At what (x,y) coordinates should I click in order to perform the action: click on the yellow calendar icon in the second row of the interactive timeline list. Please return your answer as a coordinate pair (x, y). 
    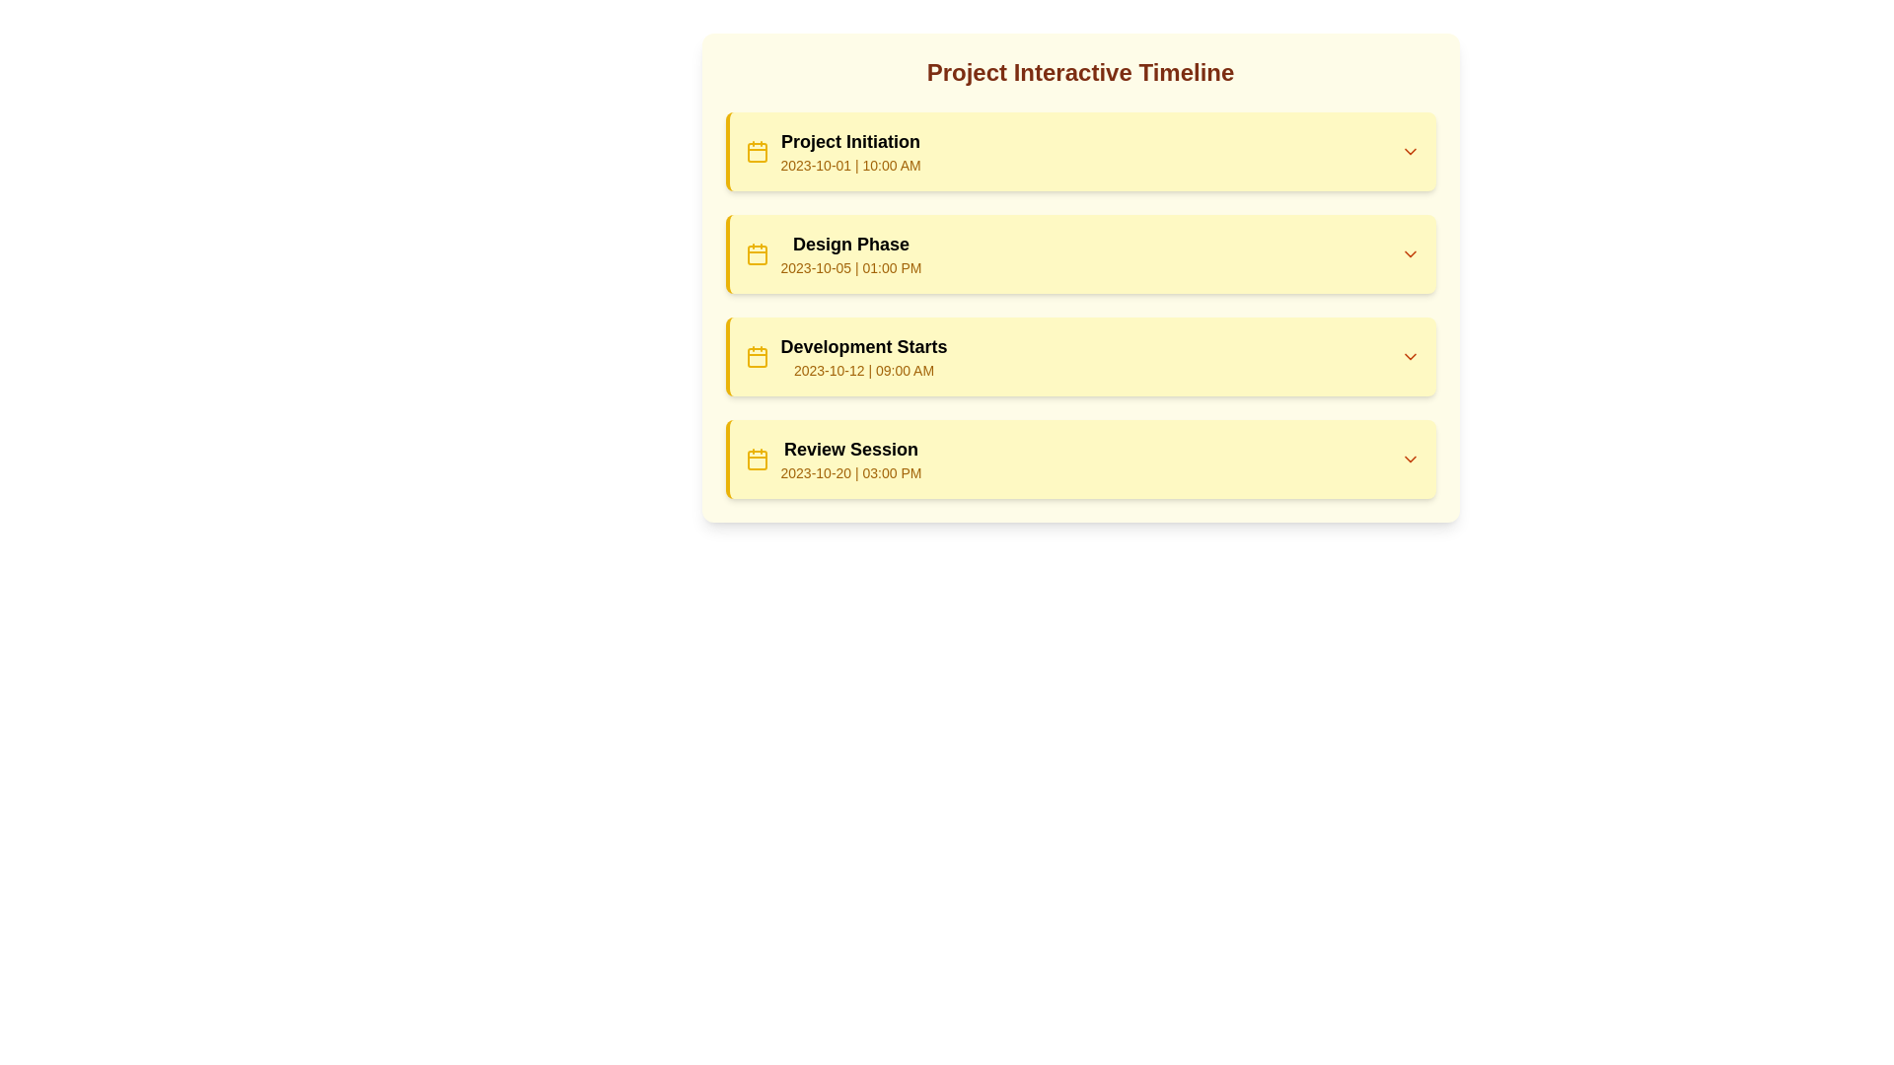
    Looking at the image, I should click on (756, 253).